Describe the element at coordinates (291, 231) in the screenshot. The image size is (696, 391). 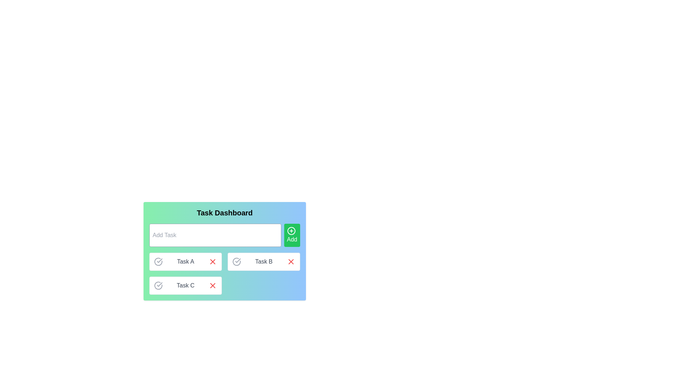
I see `the circular graphic element inside the green 'Add' button located at the top right corner of the Task Dashboard interface` at that location.